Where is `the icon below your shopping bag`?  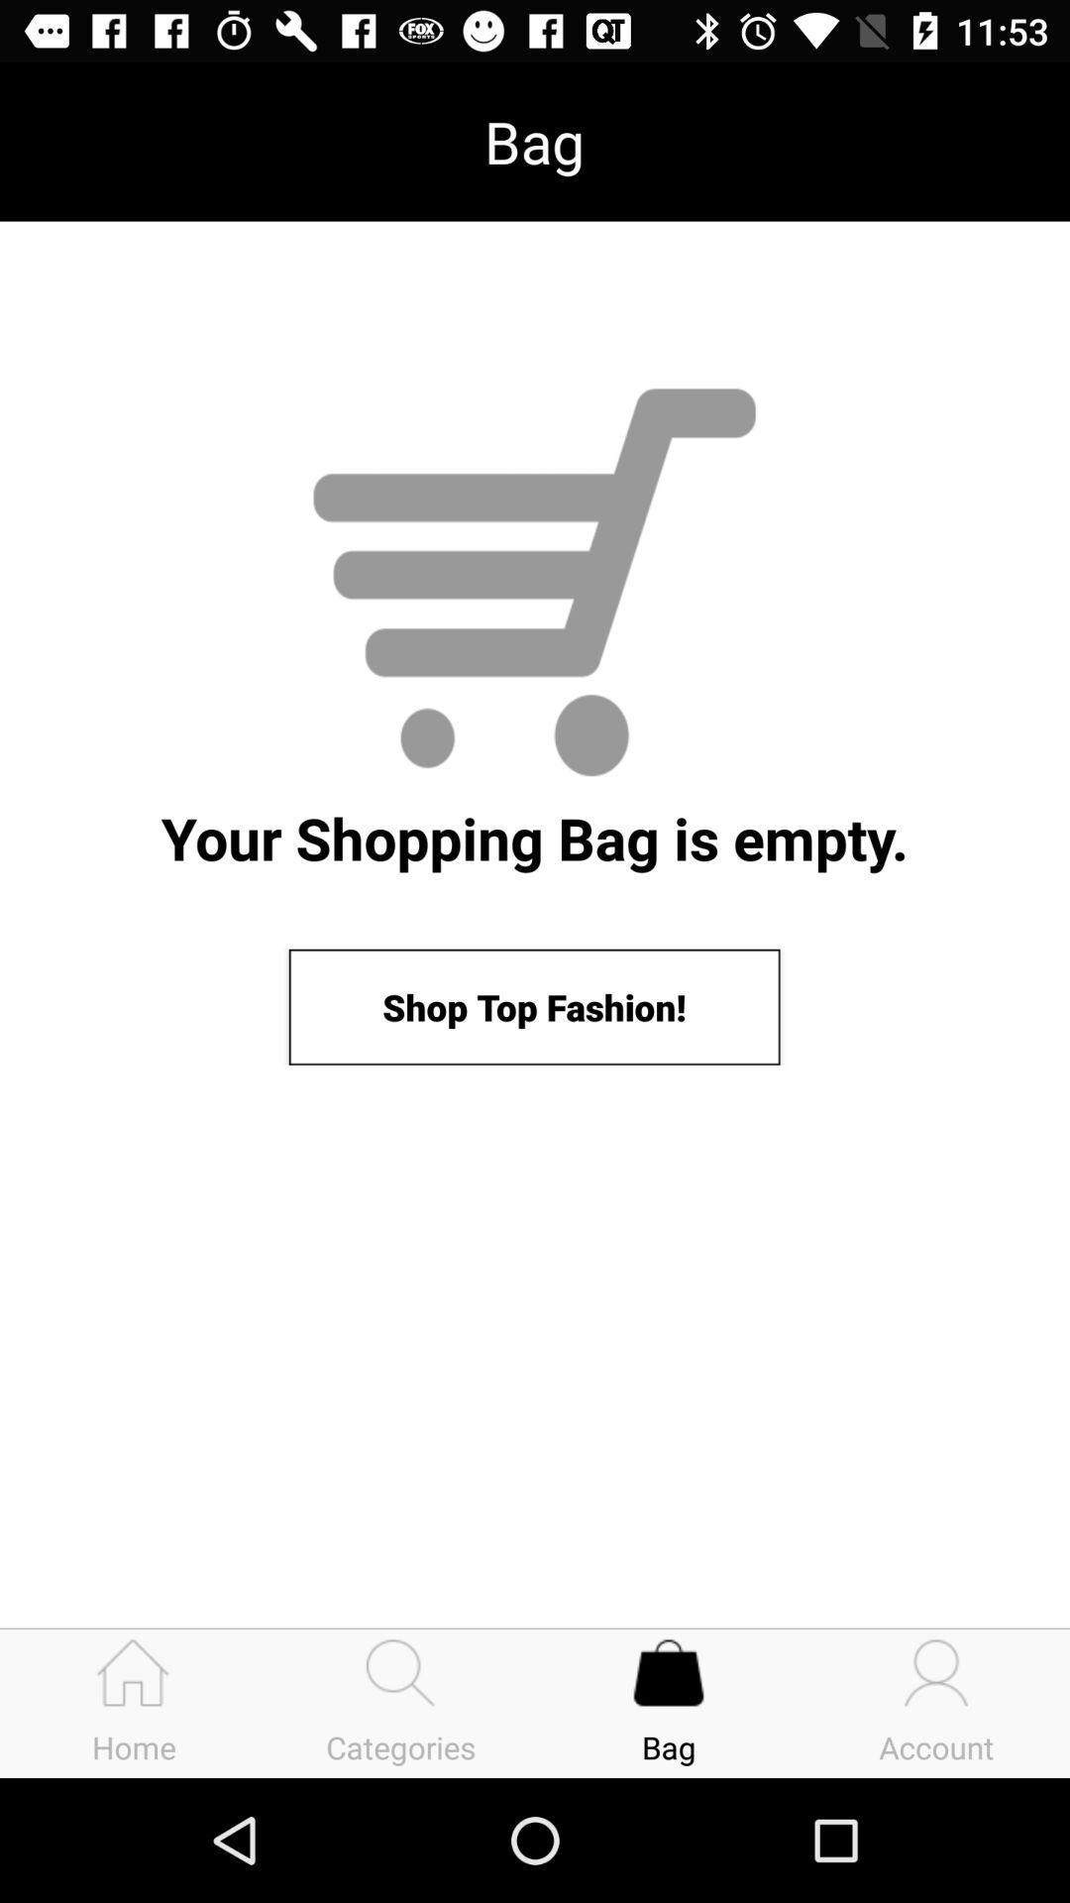 the icon below your shopping bag is located at coordinates (533, 1007).